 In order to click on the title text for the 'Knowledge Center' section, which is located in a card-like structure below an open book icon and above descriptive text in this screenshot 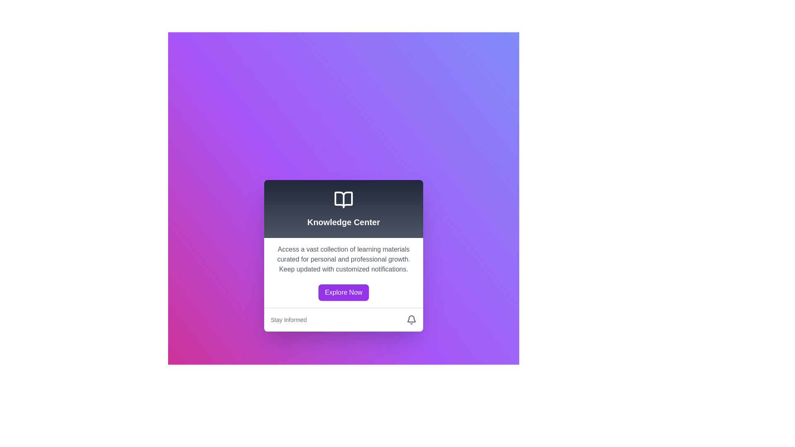, I will do `click(344, 221)`.